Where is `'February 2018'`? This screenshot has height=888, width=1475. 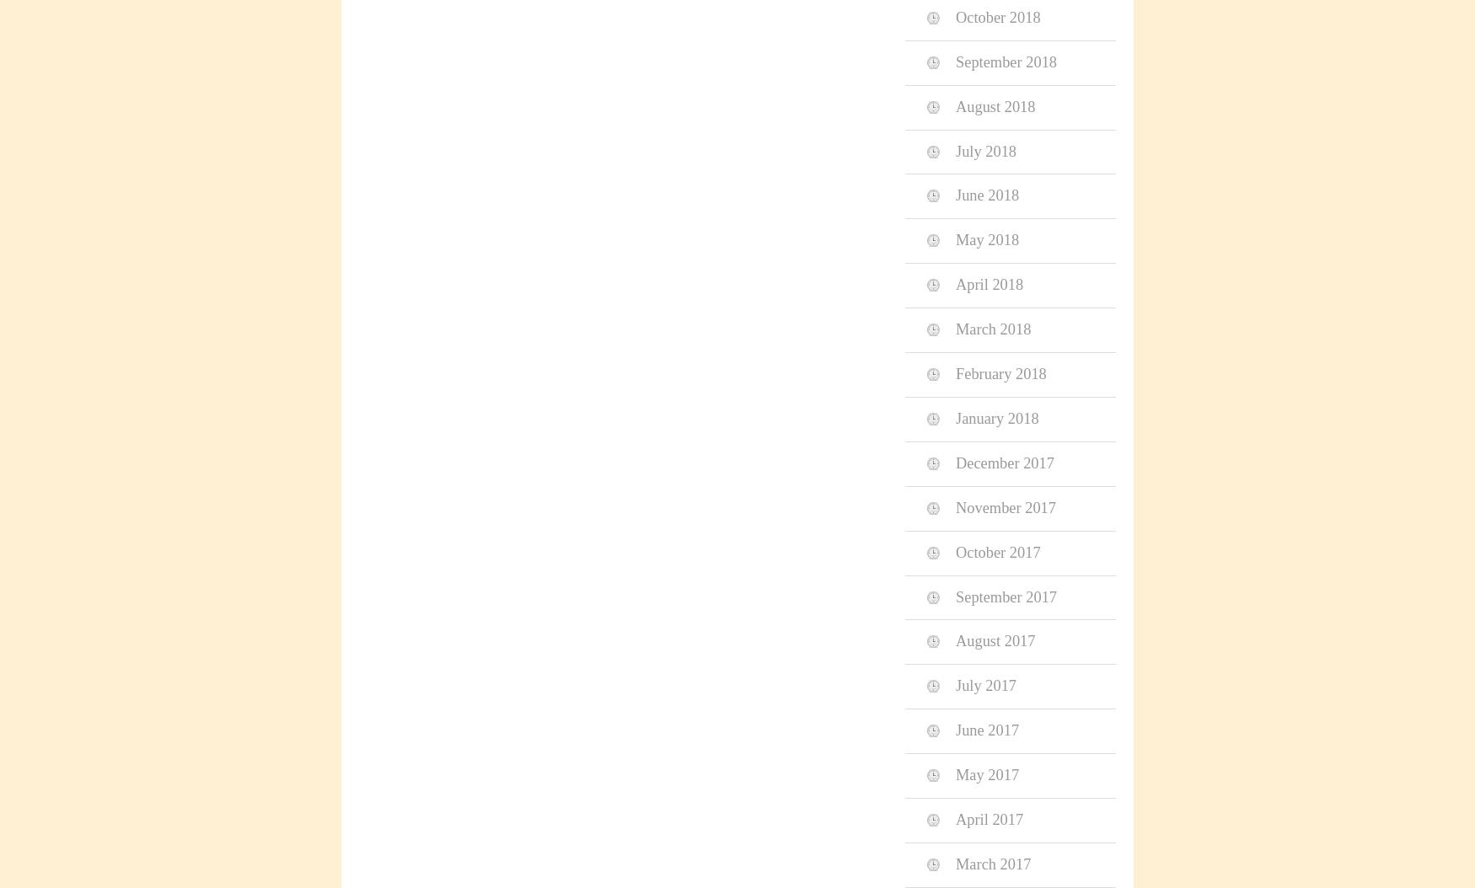
'February 2018' is located at coordinates (1000, 374).